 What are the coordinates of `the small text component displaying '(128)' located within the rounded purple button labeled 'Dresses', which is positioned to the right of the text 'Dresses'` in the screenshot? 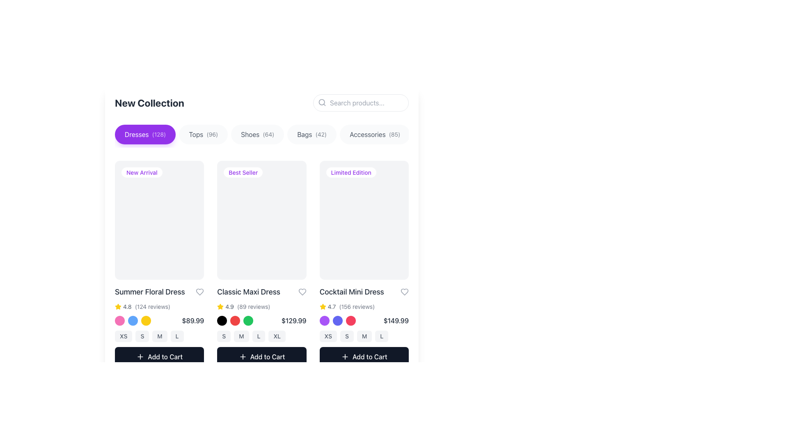 It's located at (159, 134).